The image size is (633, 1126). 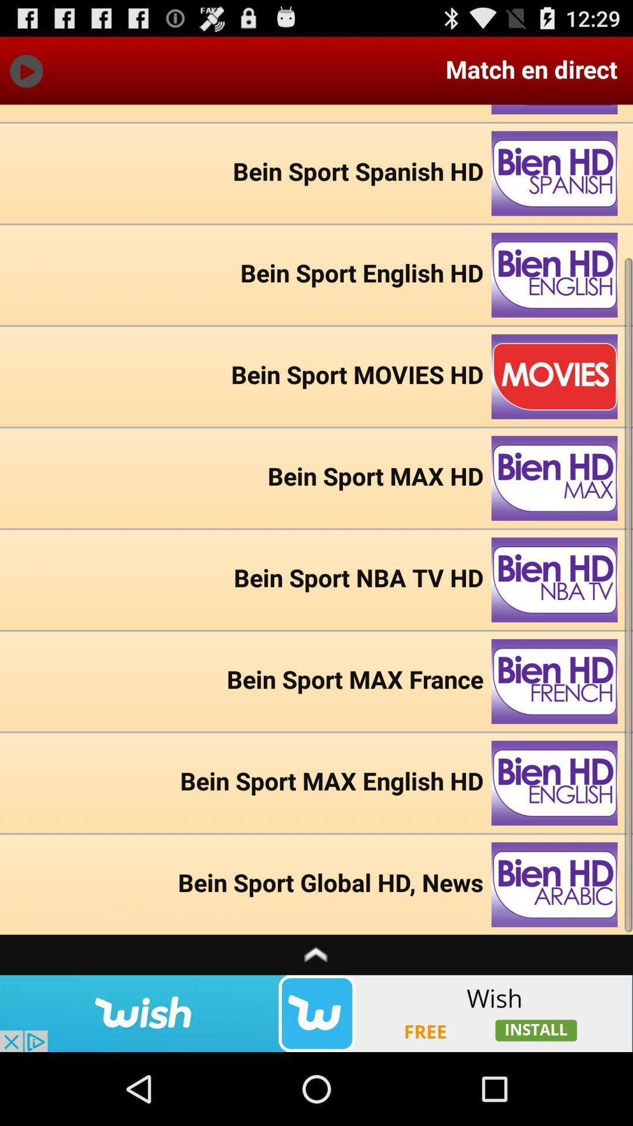 I want to click on the play icon, so click(x=26, y=75).